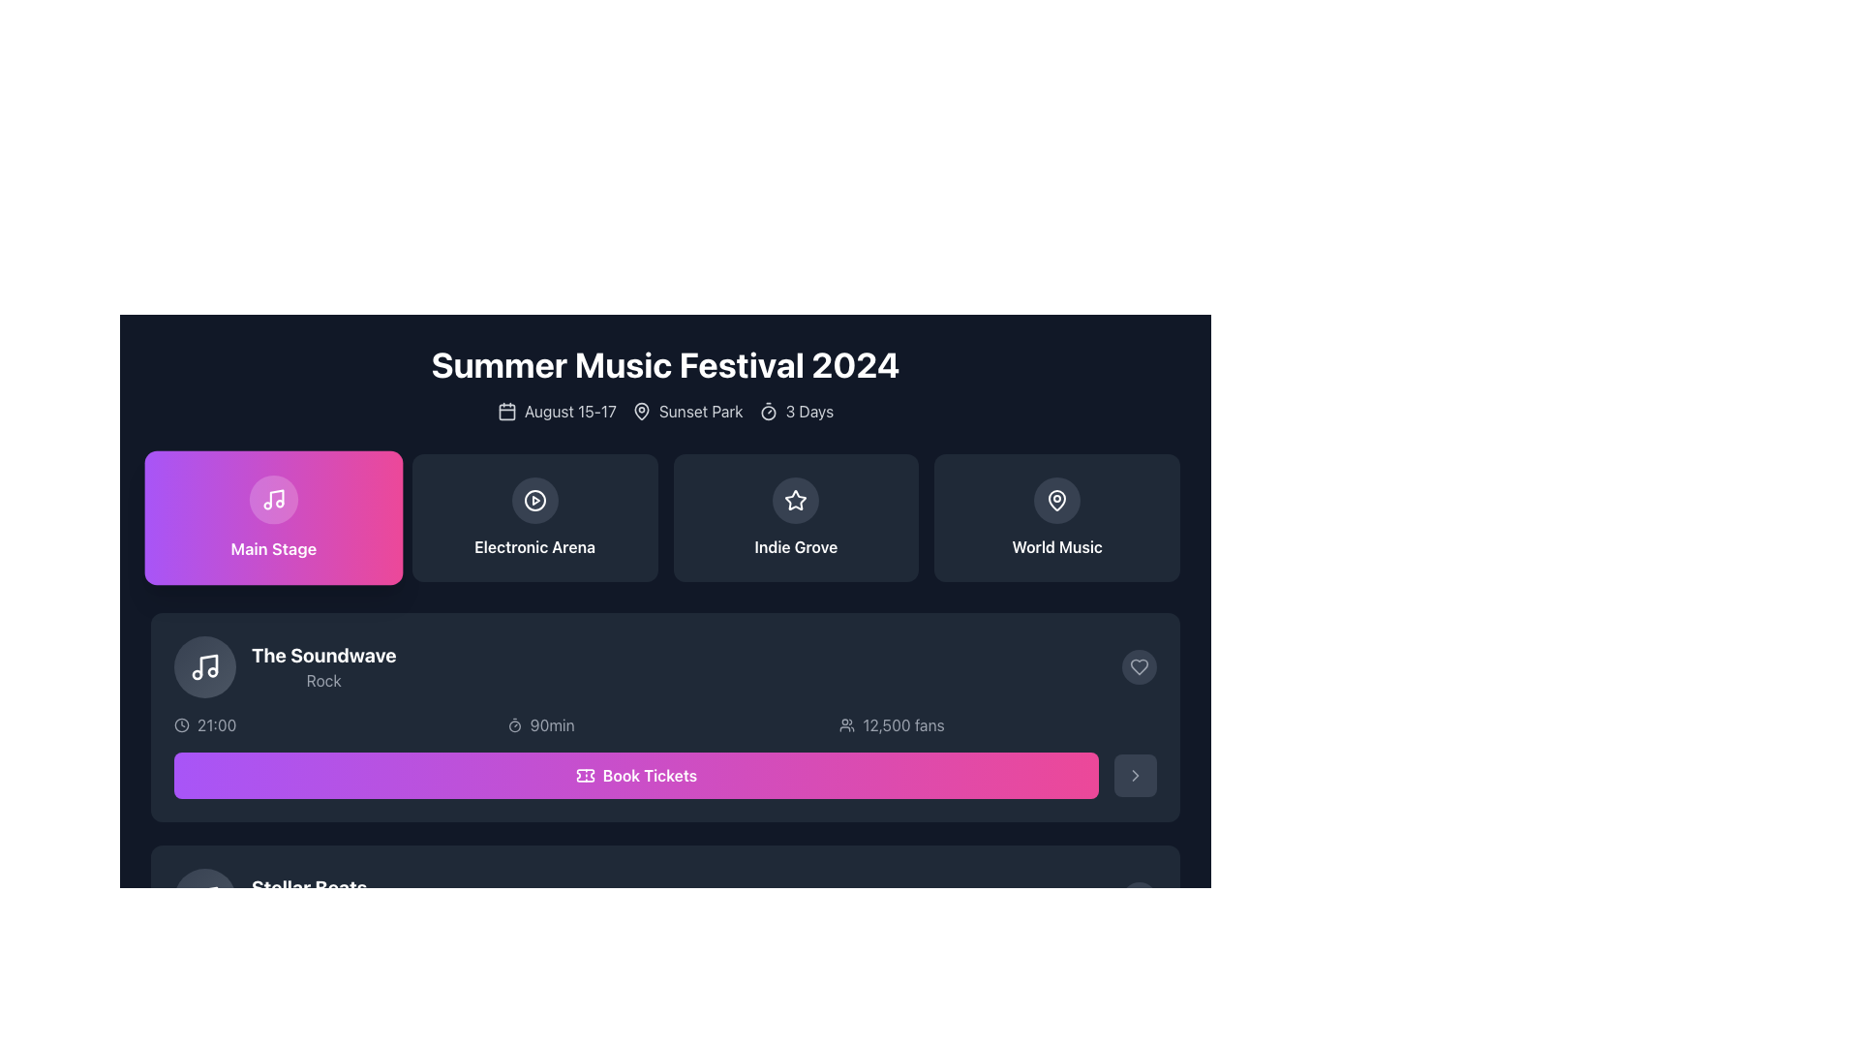 This screenshot has height=1046, width=1859. Describe the element at coordinates (767, 410) in the screenshot. I see `the icon that visually complements the text '3 Days', which is located to the left of the text within the header section of the interface` at that location.